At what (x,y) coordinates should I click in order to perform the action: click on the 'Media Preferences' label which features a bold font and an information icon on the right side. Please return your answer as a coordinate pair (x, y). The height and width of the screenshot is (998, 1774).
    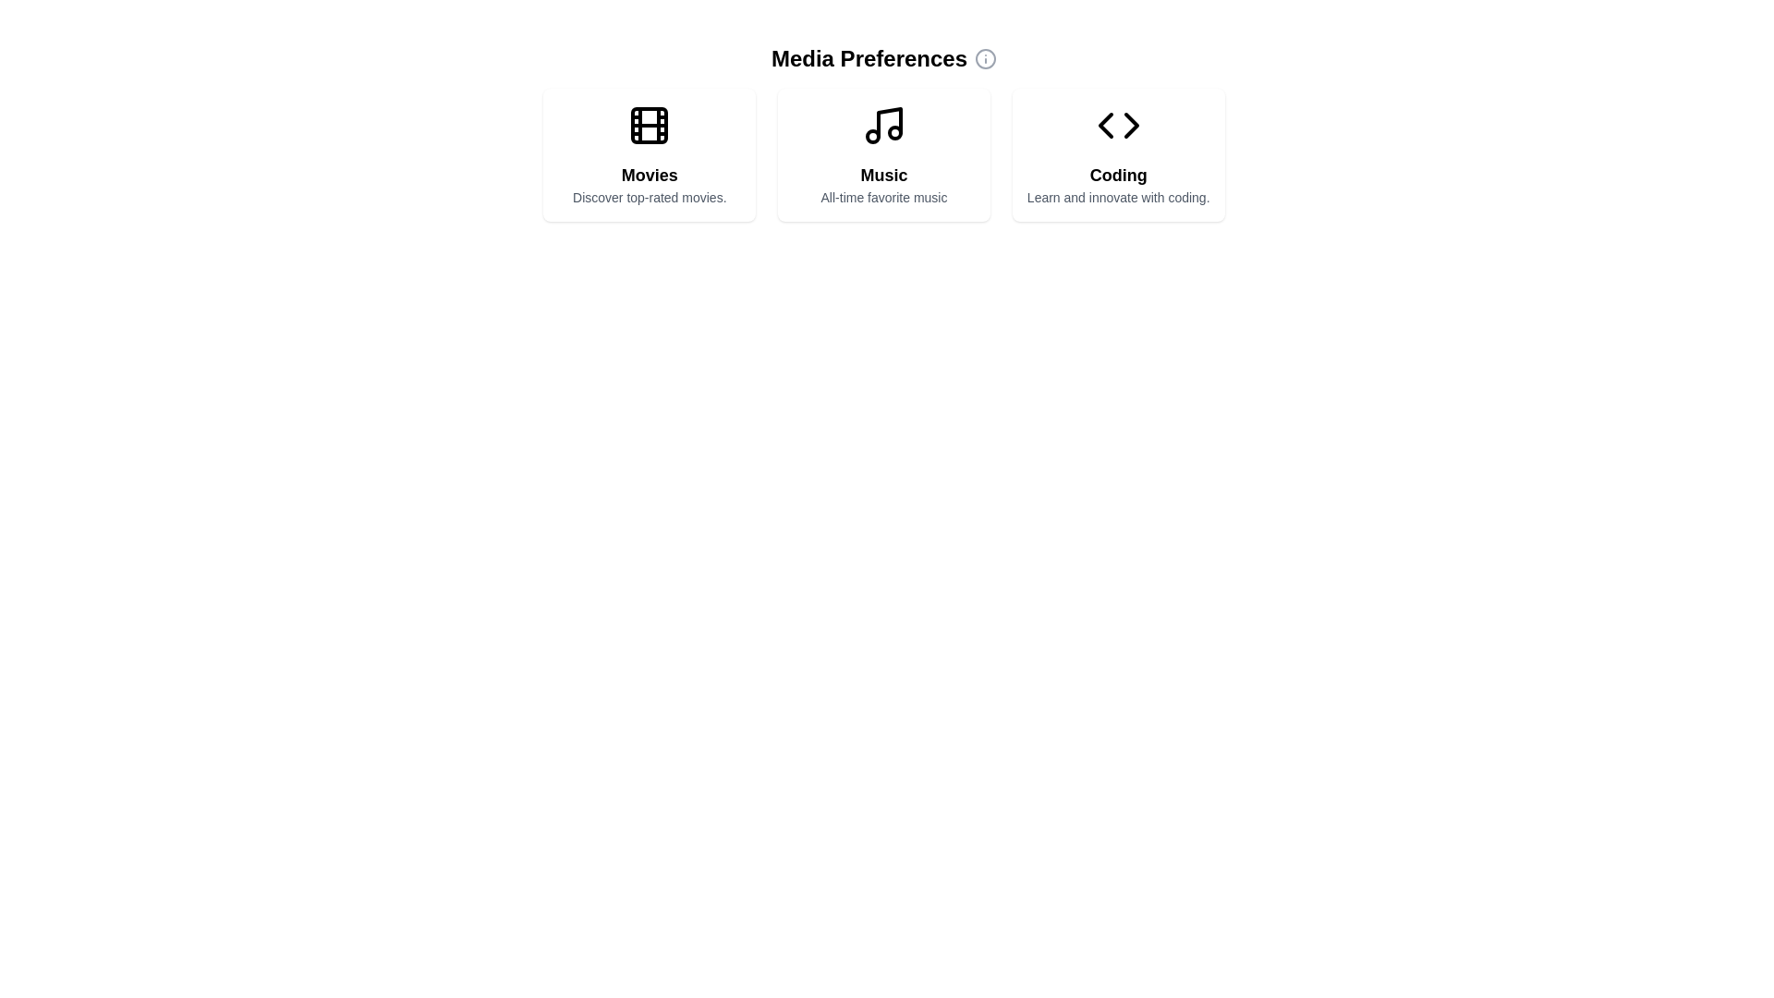
    Looking at the image, I should click on (882, 58).